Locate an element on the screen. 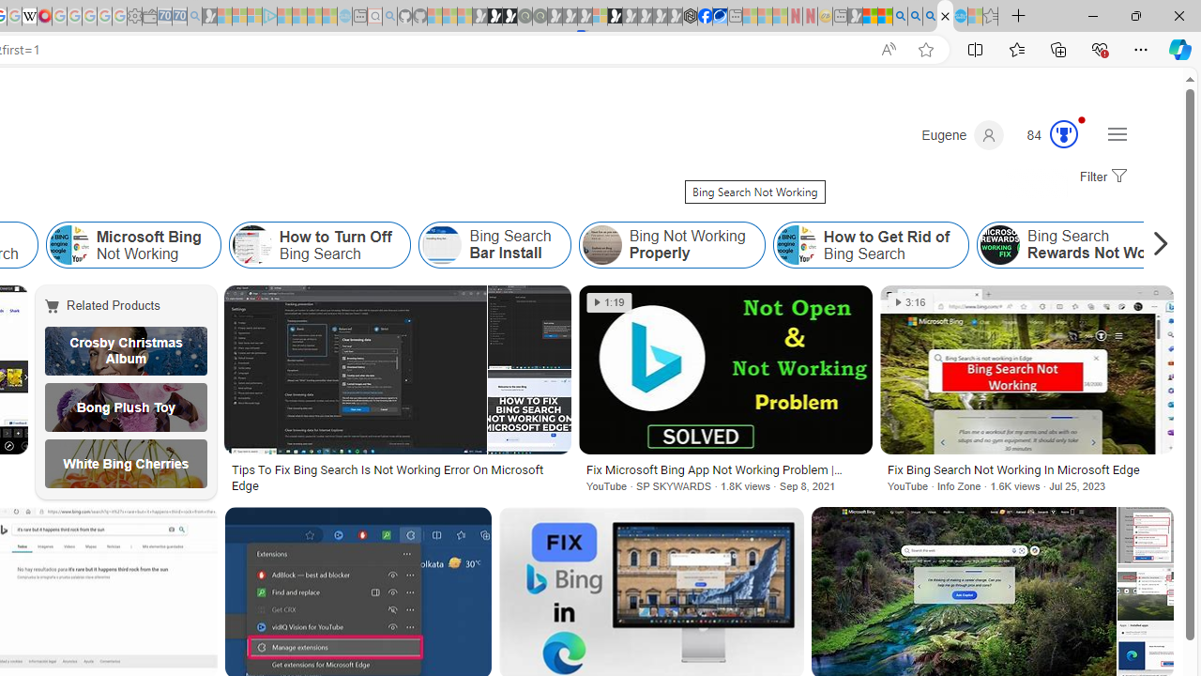 The width and height of the screenshot is (1201, 676). '2009 Bing officially replaced Live Search on June 3 - Search' is located at coordinates (915, 16).